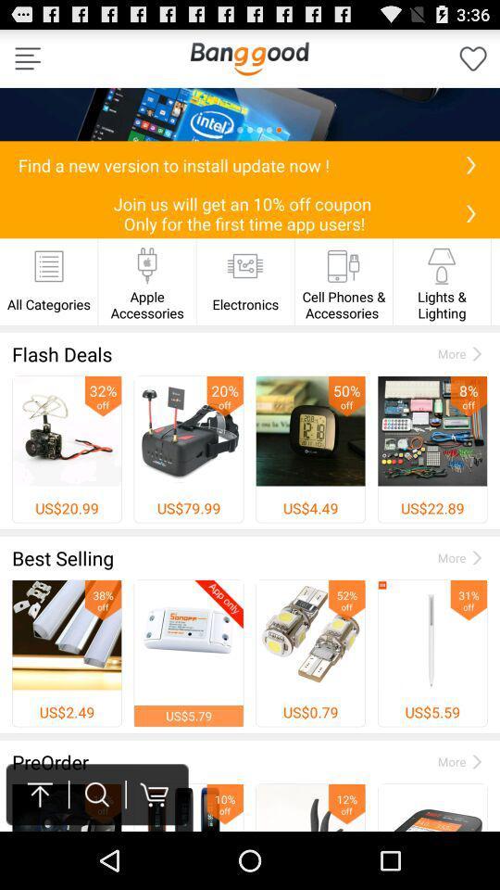  Describe the element at coordinates (470, 163) in the screenshot. I see `link to update page` at that location.